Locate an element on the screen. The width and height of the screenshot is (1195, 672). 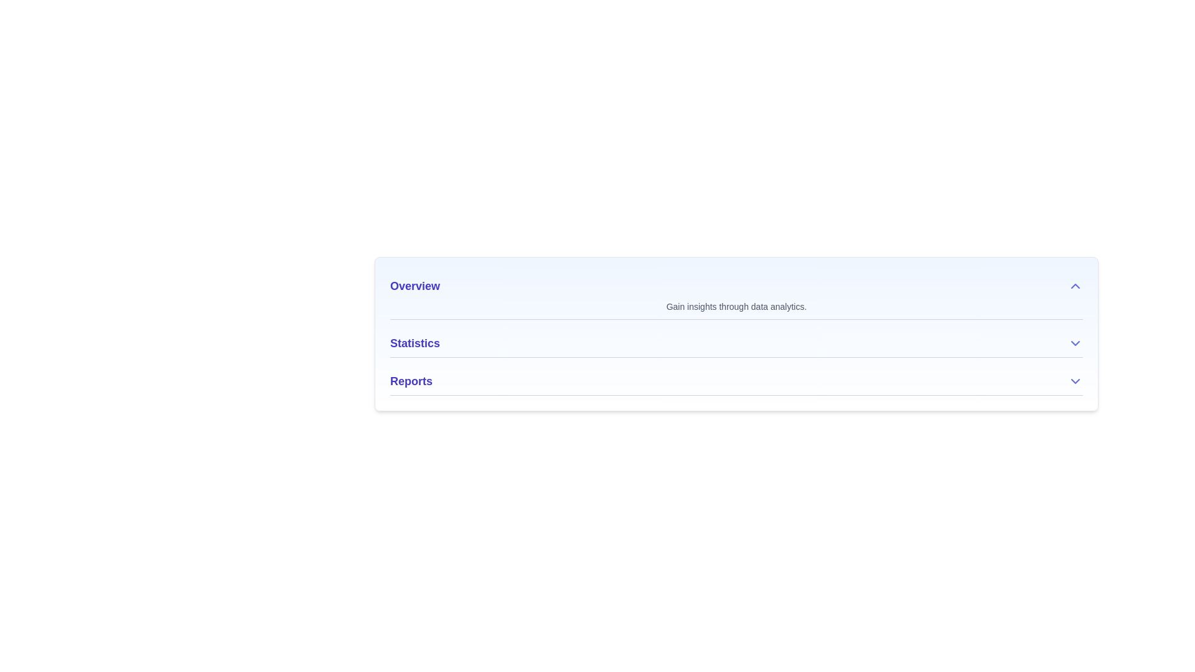
text label displaying 'Overview', which is bold and indigo colored, to understand the section's purpose is located at coordinates (415, 286).